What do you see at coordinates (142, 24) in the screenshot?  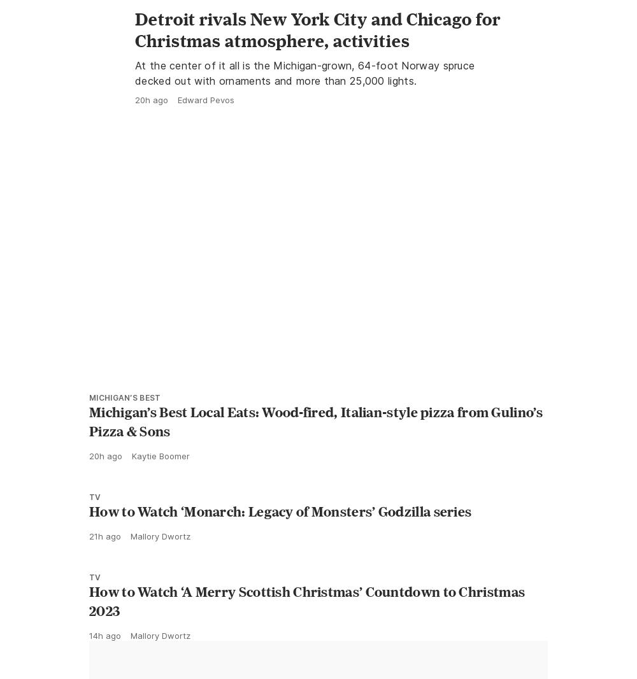 I see `'Life'` at bounding box center [142, 24].